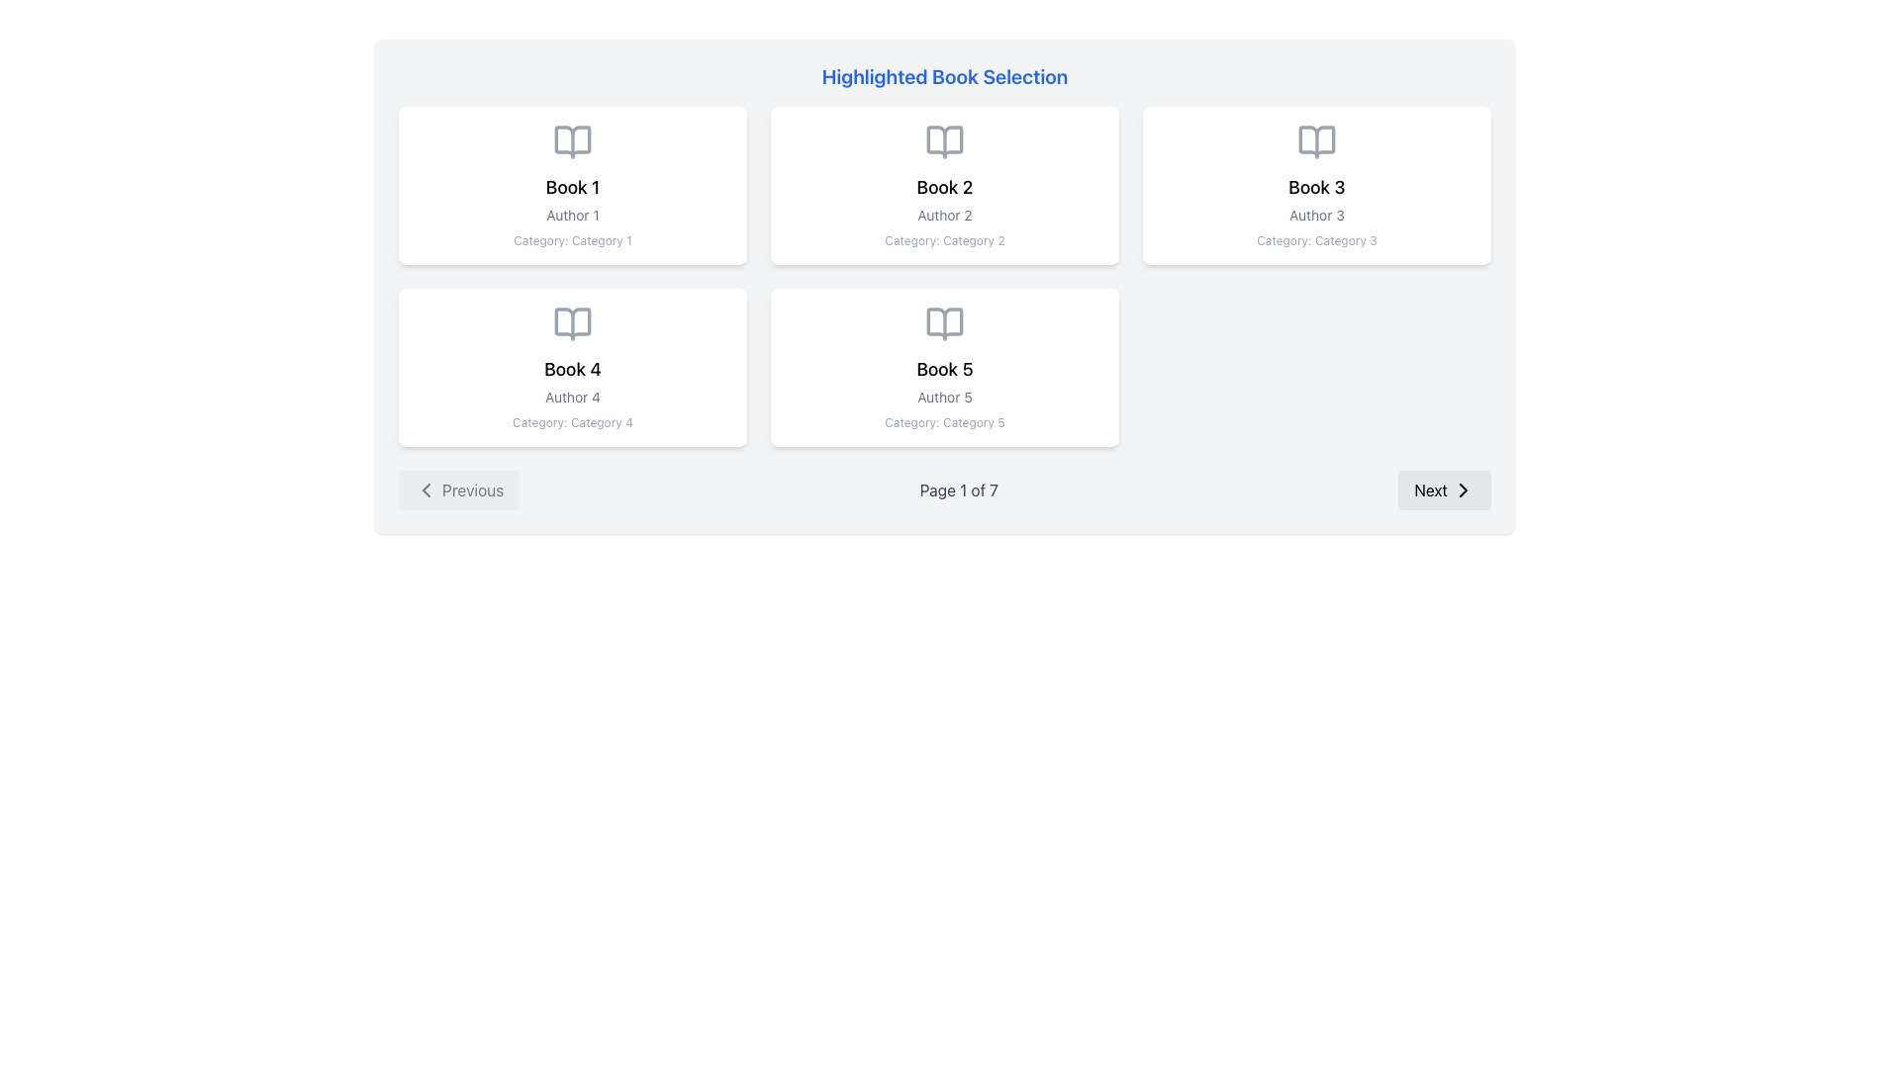 The image size is (1900, 1068). What do you see at coordinates (572, 422) in the screenshot?
I see `the text label that reads 'Category: Category 4' located at the bottom of the card for 'Book 4'` at bounding box center [572, 422].